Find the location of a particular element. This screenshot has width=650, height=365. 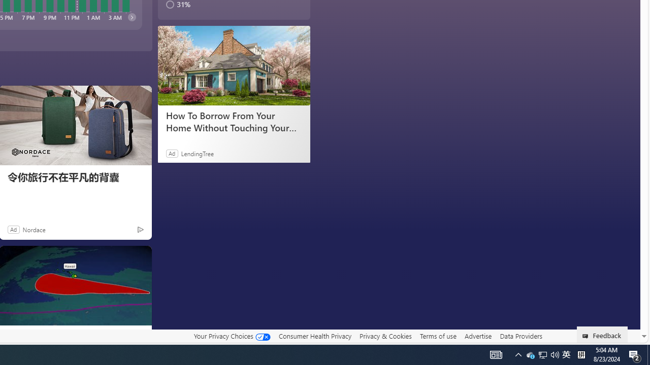

'Advertise' is located at coordinates (477, 336).